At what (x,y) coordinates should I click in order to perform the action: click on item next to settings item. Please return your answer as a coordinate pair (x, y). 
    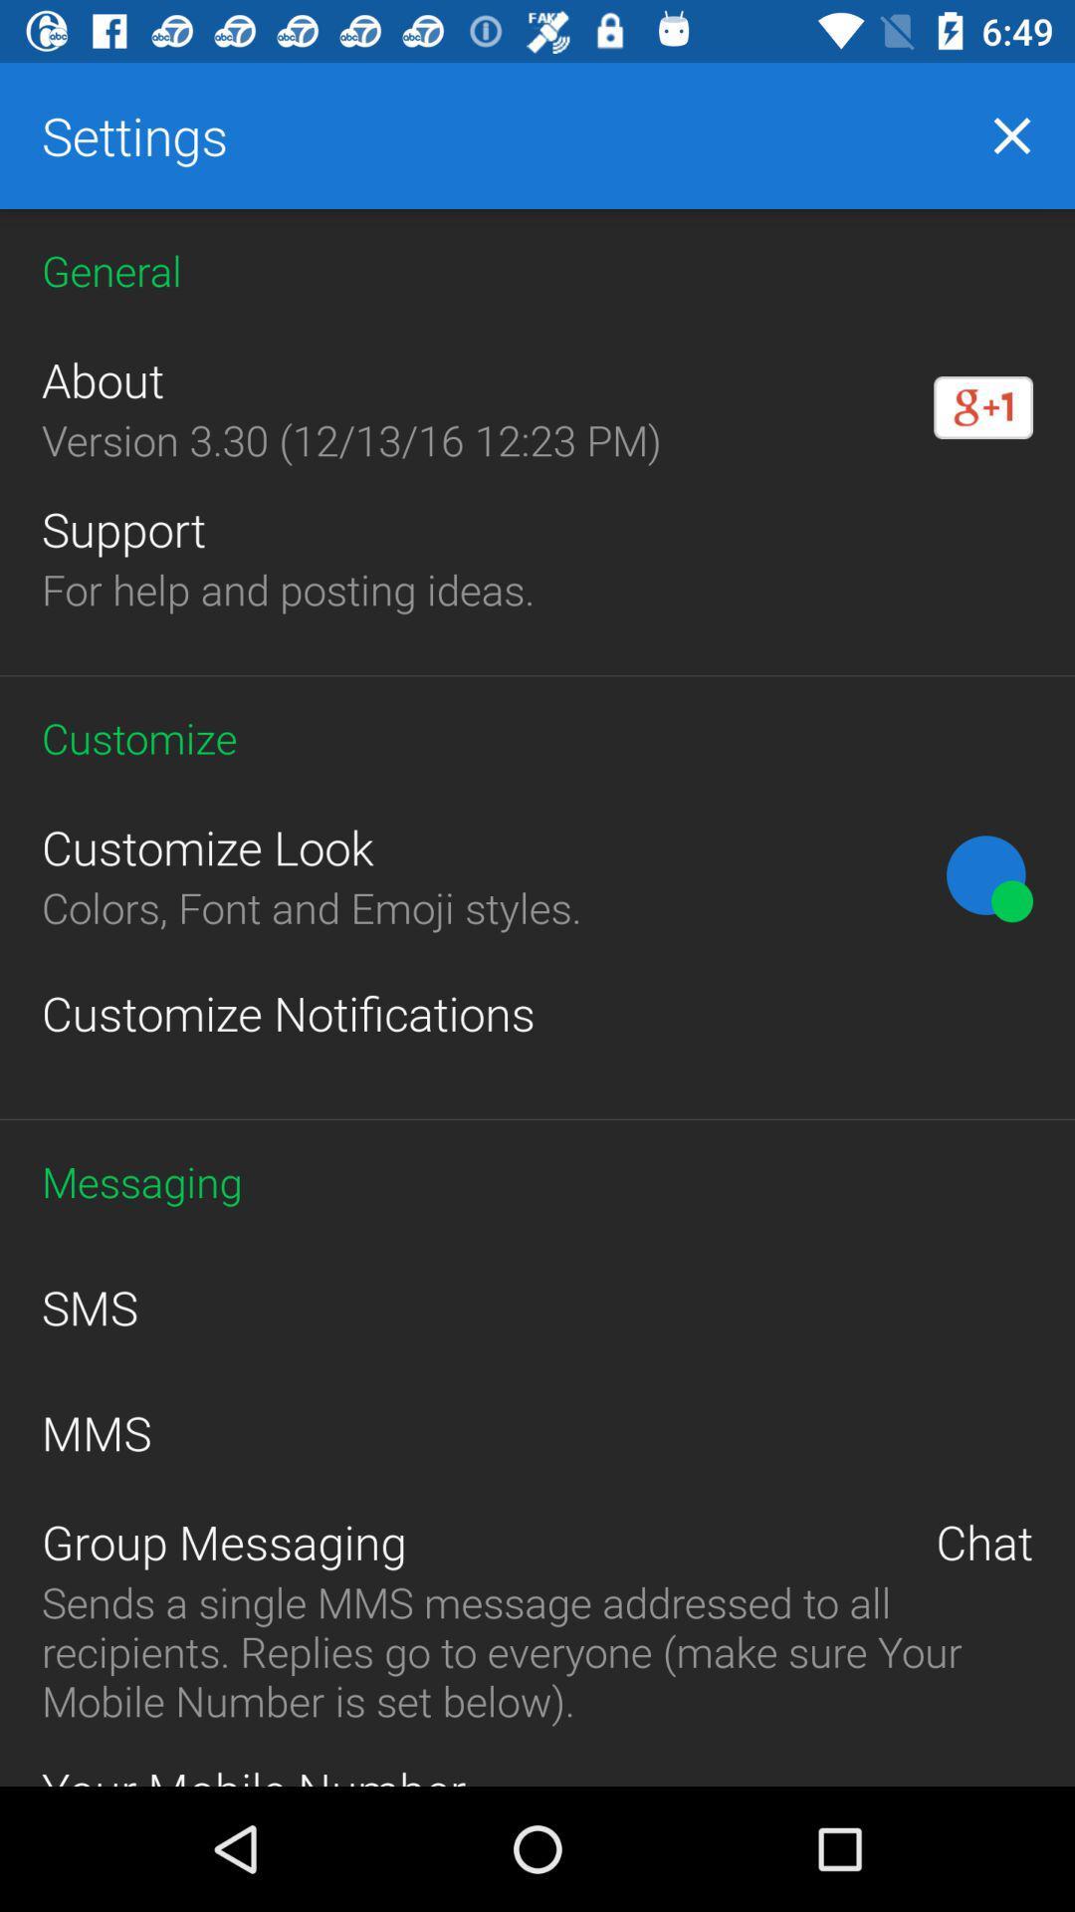
    Looking at the image, I should click on (1012, 134).